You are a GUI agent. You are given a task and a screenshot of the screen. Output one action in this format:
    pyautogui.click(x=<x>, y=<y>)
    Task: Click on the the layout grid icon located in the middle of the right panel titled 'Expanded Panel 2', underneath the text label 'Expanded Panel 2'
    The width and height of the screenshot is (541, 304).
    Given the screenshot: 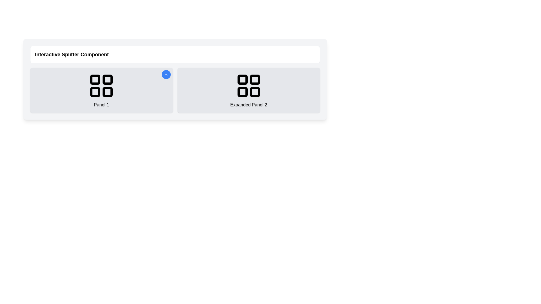 What is the action you would take?
    pyautogui.click(x=248, y=86)
    